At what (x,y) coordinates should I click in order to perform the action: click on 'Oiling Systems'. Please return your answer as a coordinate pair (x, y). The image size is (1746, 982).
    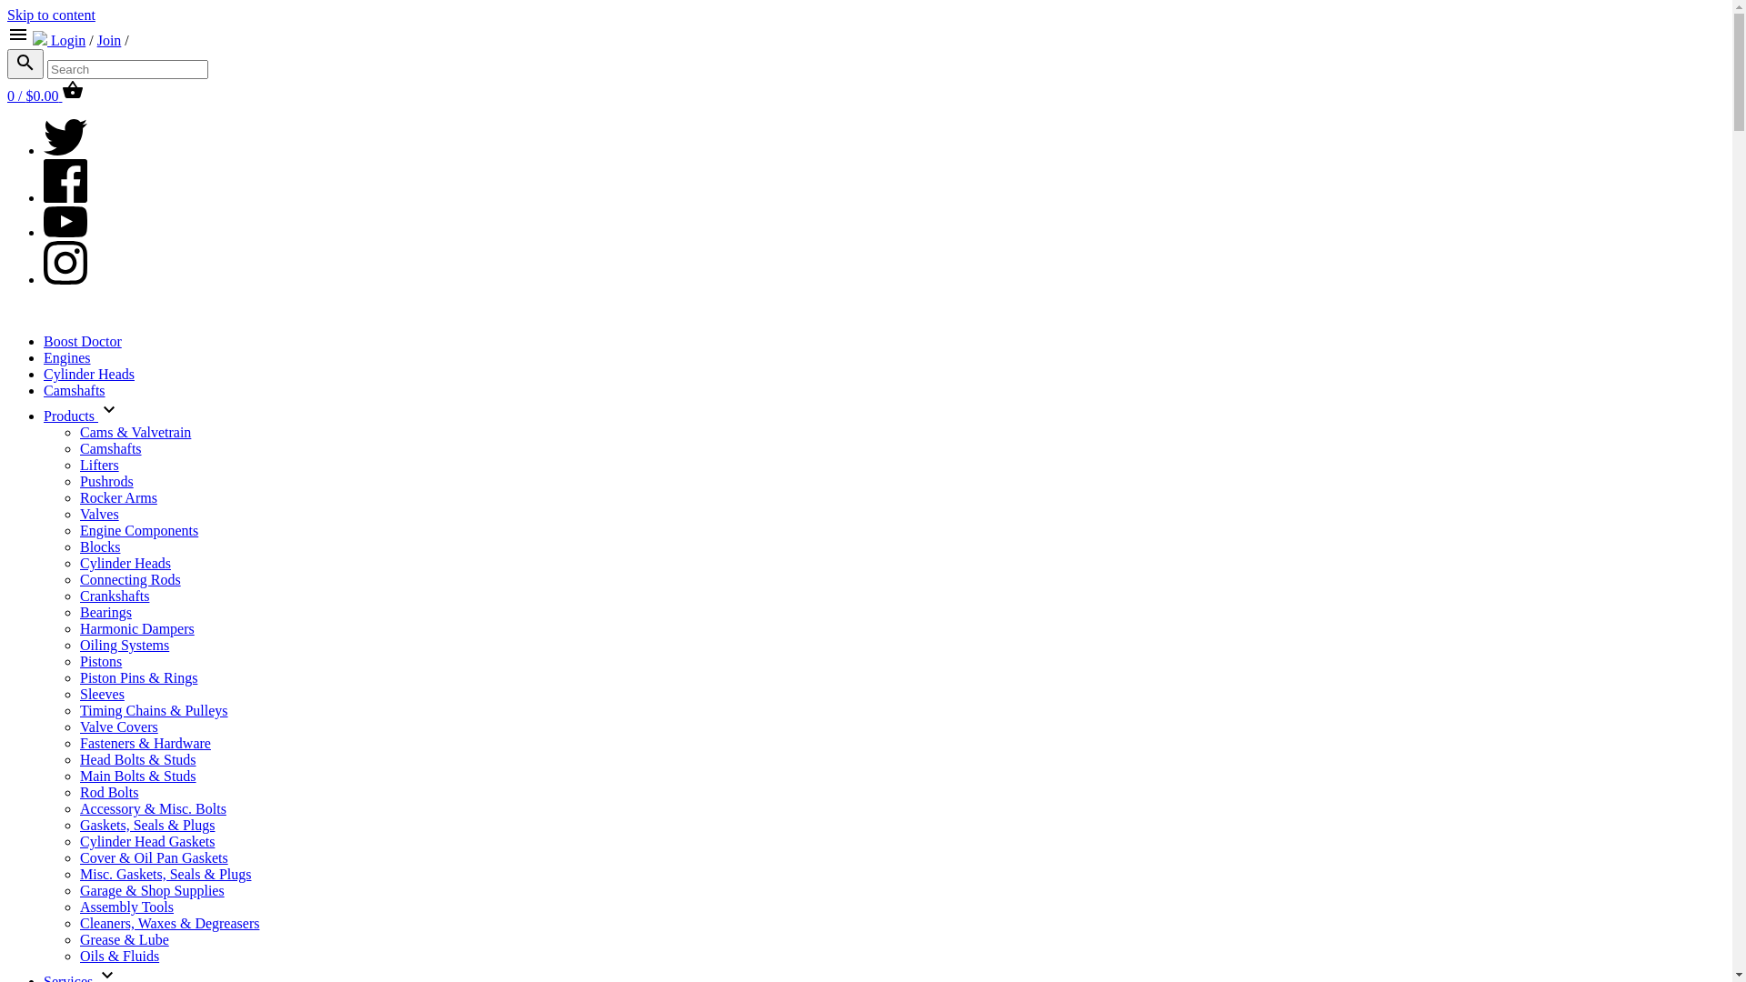
    Looking at the image, I should click on (124, 644).